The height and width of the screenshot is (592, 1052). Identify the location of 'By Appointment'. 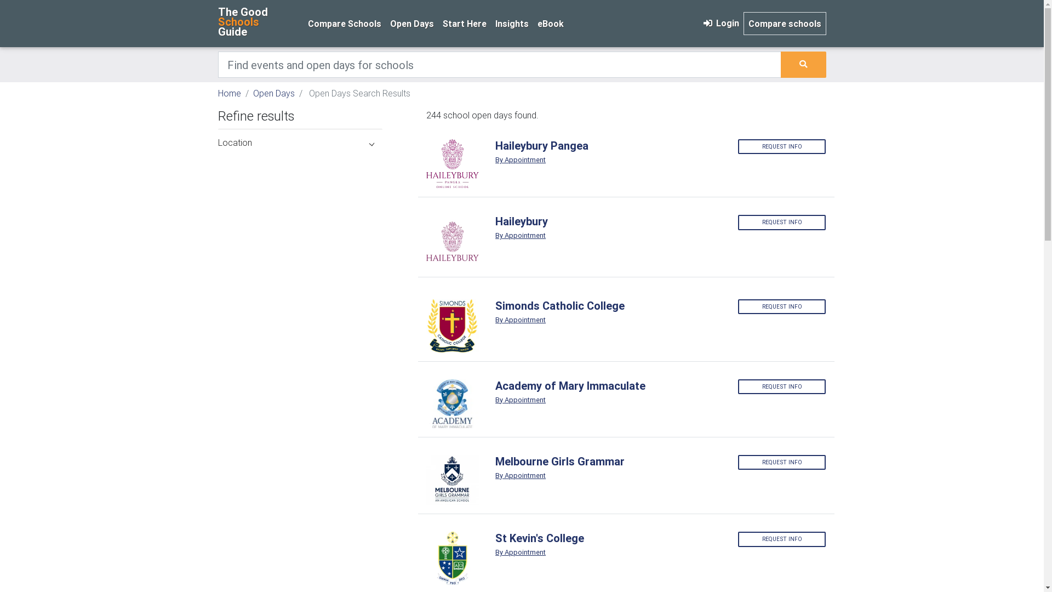
(547, 552).